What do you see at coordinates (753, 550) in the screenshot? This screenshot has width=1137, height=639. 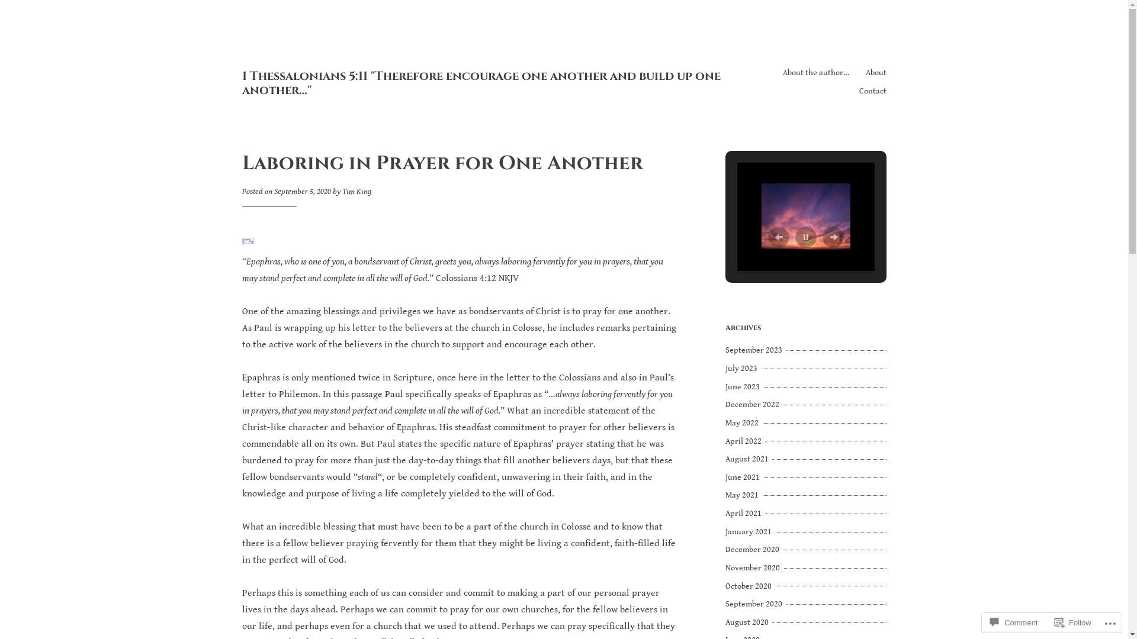 I see `'December 2020'` at bounding box center [753, 550].